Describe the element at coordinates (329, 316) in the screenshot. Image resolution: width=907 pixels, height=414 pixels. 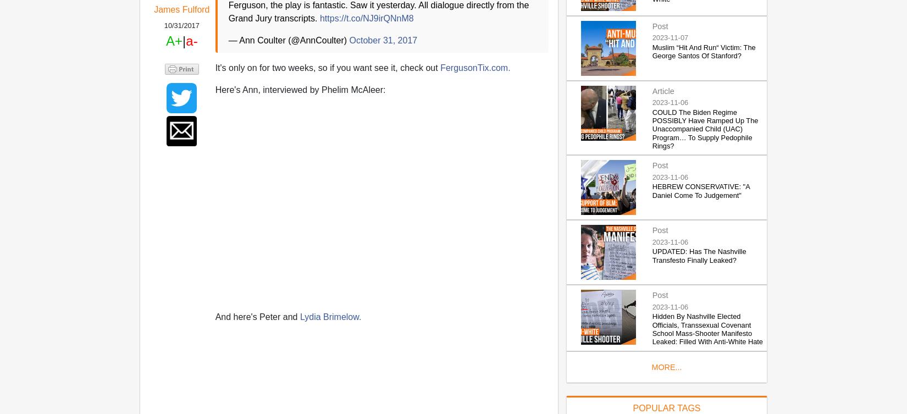
I see `'Lydia Brimelow.'` at that location.